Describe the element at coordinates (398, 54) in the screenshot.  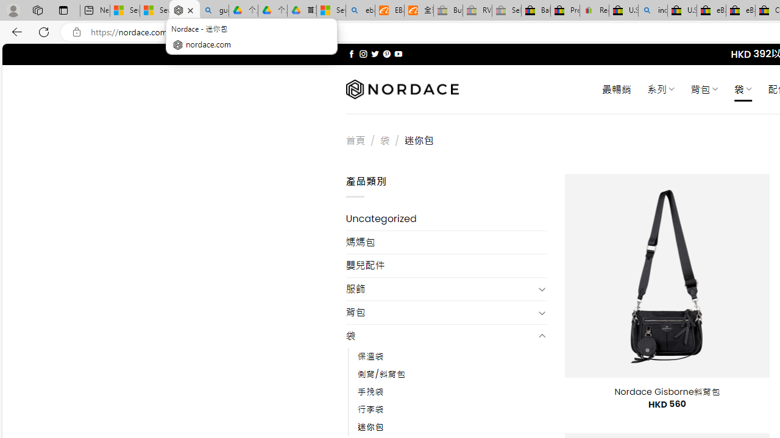
I see `'Follow on YouTube'` at that location.